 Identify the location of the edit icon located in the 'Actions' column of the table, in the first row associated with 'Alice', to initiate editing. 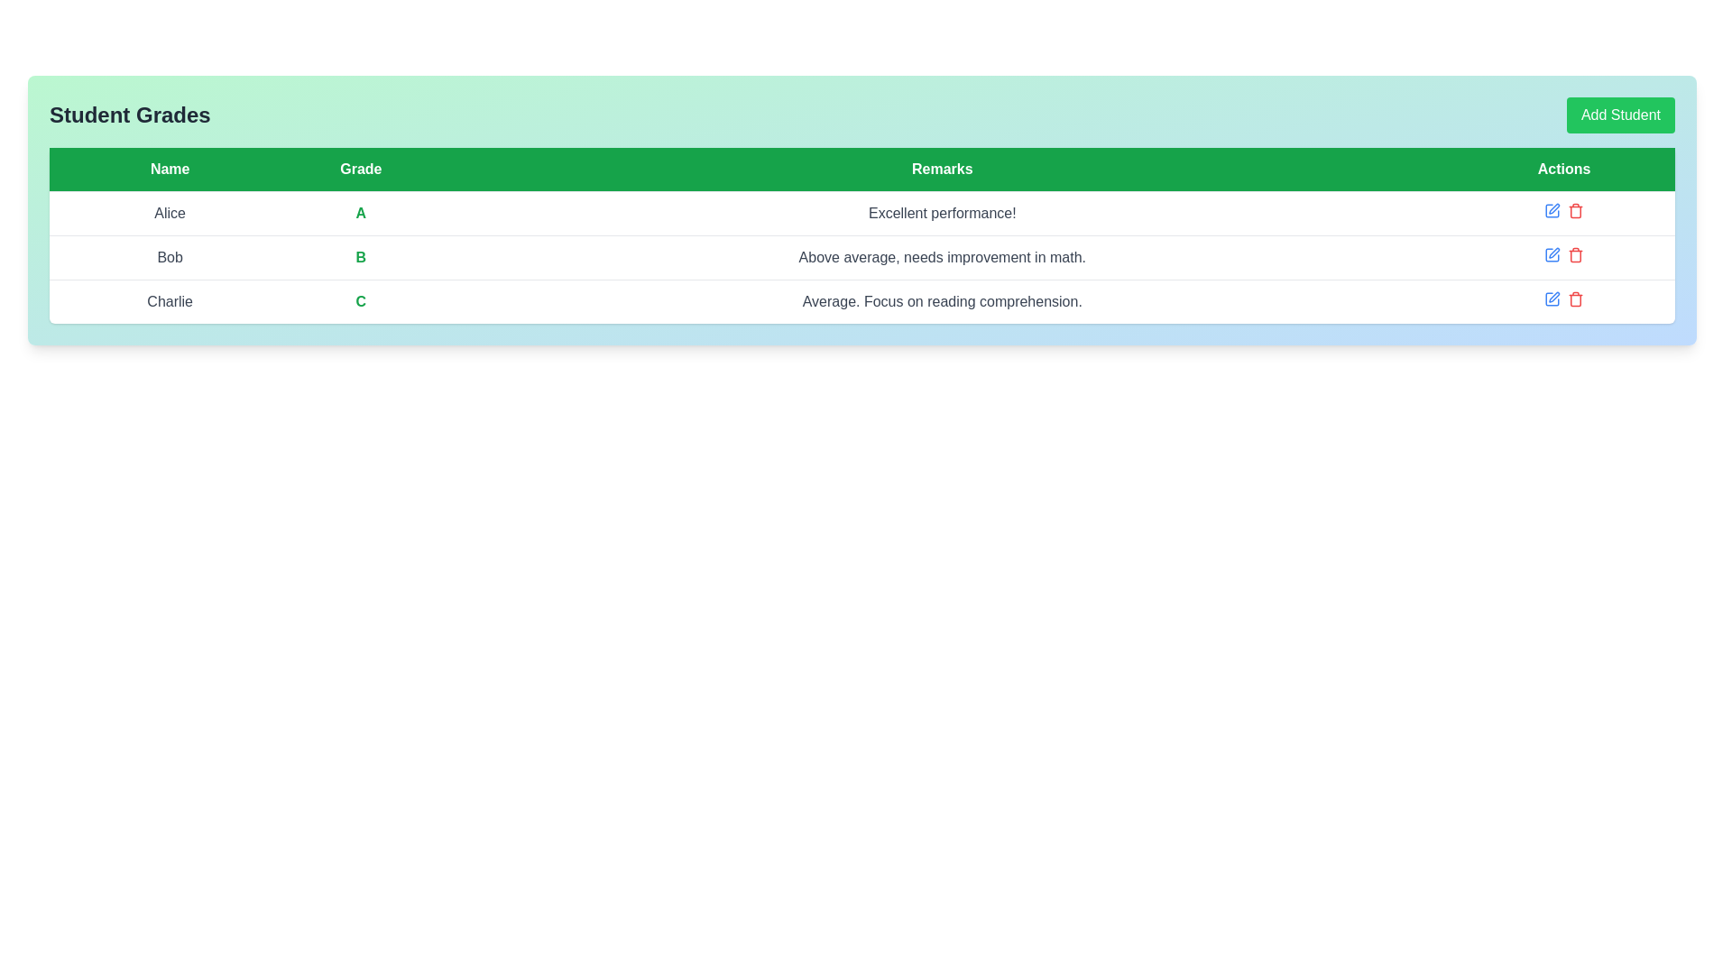
(1553, 207).